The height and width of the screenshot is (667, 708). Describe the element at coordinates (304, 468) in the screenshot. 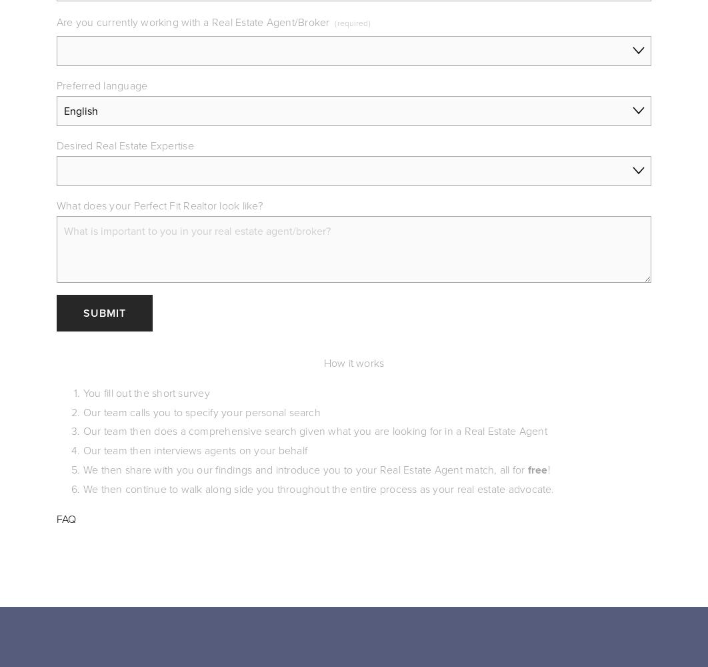

I see `'We then share with you our findings and introduce you to your Real Estate Agent match, all for'` at that location.